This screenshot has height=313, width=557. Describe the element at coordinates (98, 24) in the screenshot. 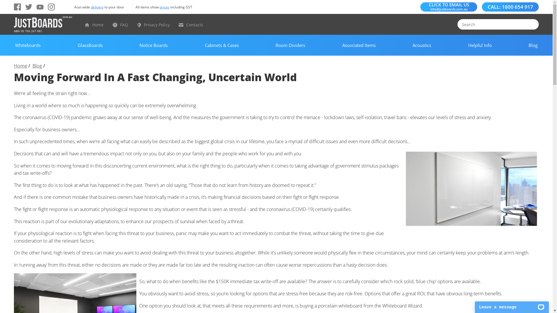

I see `'Home'` at that location.